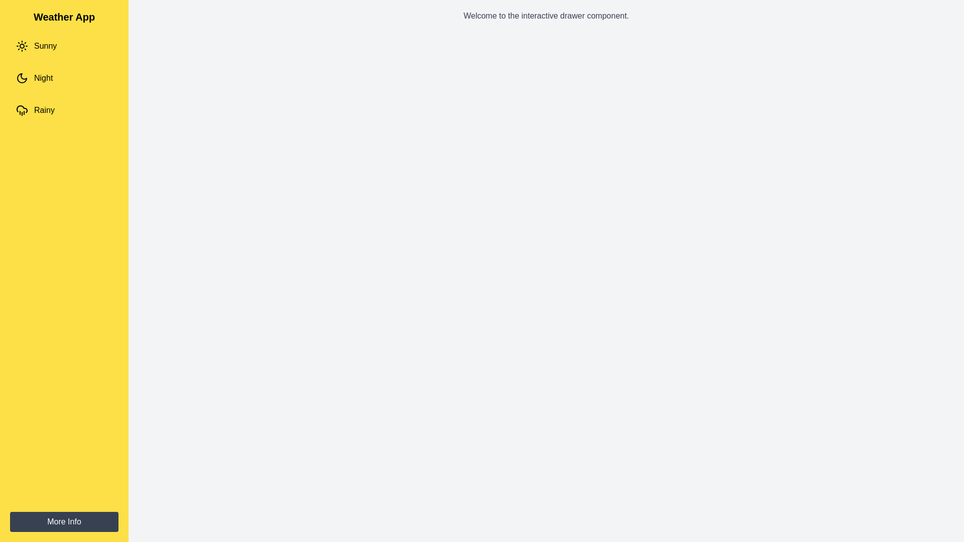 The width and height of the screenshot is (964, 542). Describe the element at coordinates (22, 110) in the screenshot. I see `the 'Rainy' graphical cloud icon, which features three vertical lines beneath it, in the left navigation bar` at that location.